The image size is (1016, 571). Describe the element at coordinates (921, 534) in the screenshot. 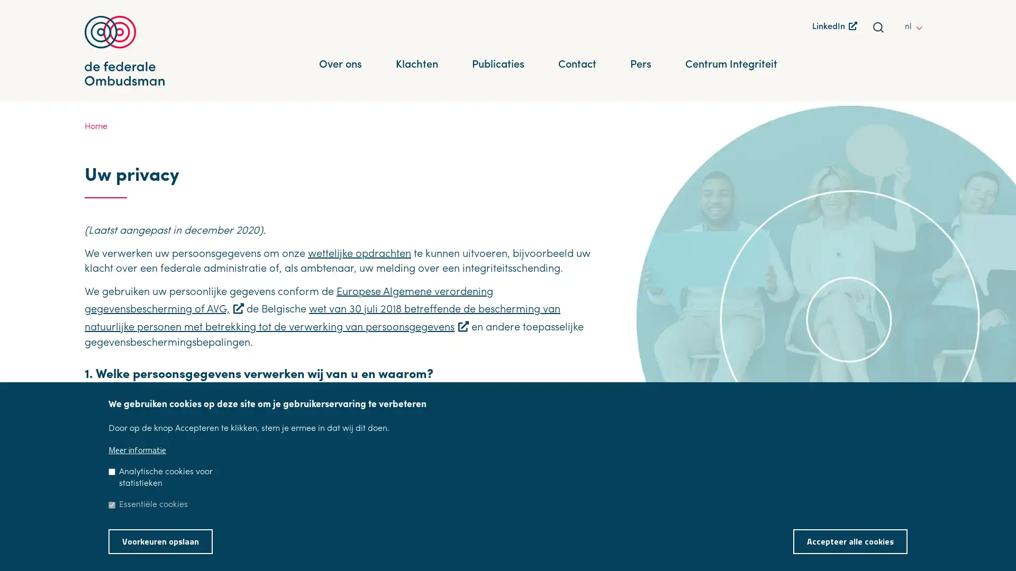

I see `Toestemming intrekken` at that location.